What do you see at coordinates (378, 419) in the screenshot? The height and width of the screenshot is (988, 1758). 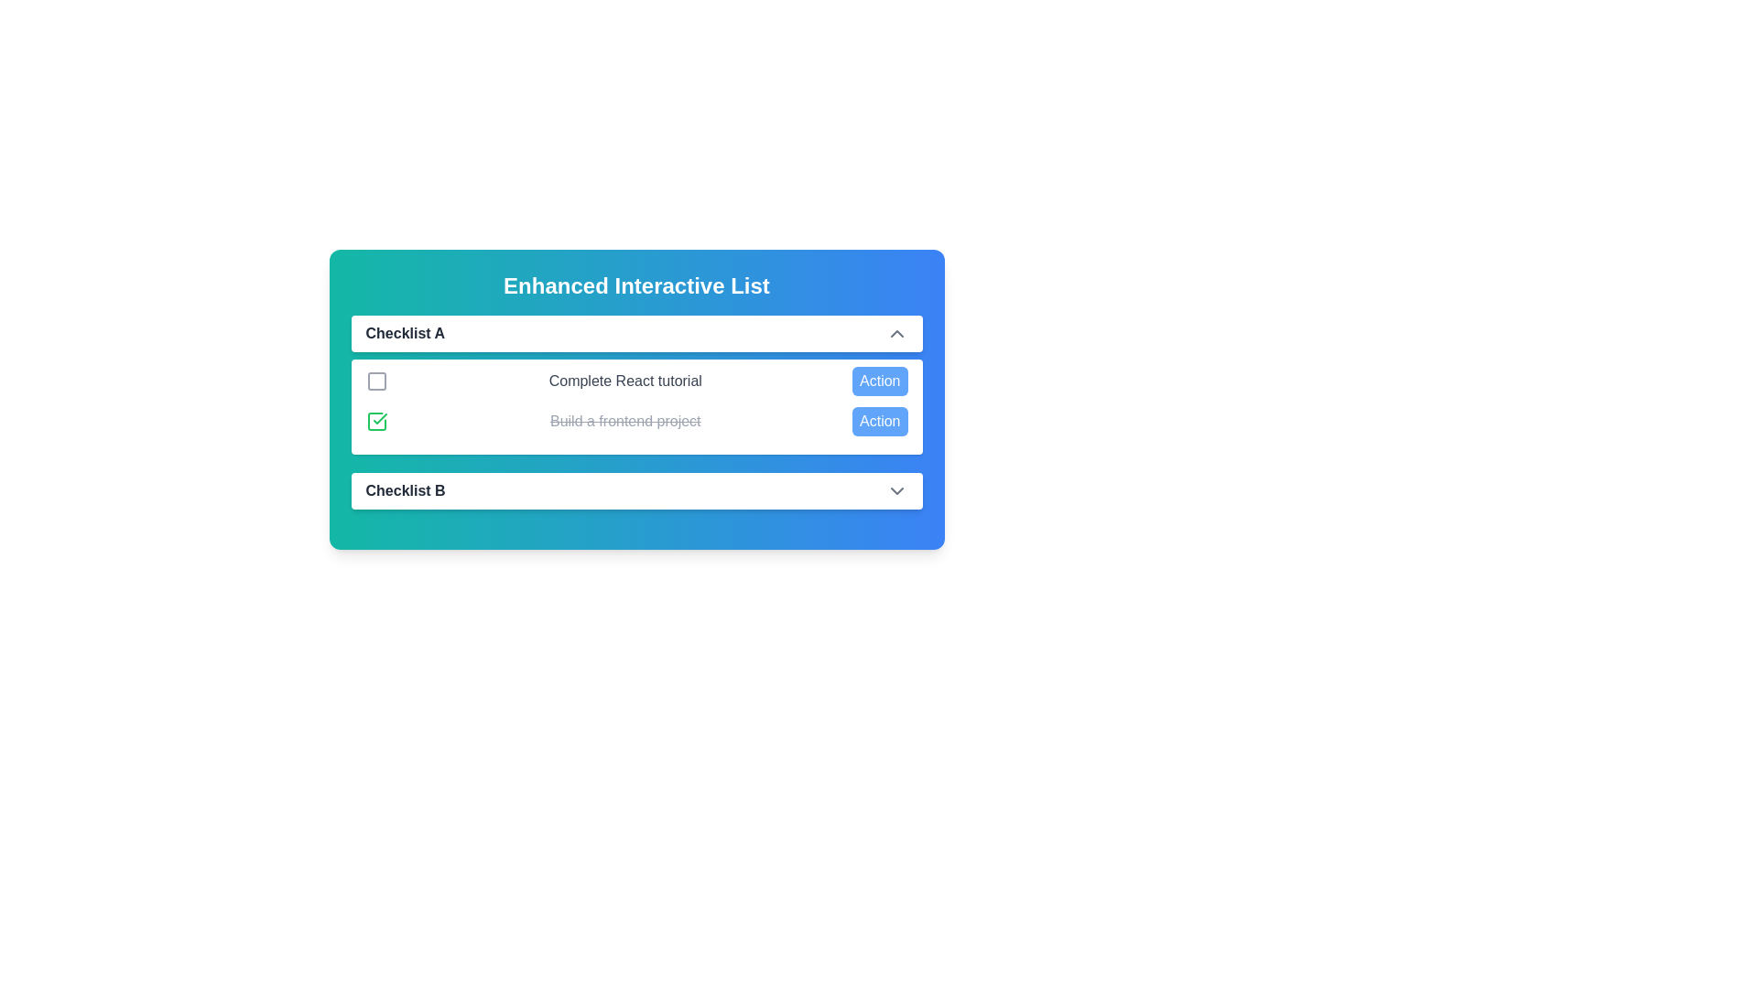 I see `the checkmark icon indicating a completed task adjacent` at bounding box center [378, 419].